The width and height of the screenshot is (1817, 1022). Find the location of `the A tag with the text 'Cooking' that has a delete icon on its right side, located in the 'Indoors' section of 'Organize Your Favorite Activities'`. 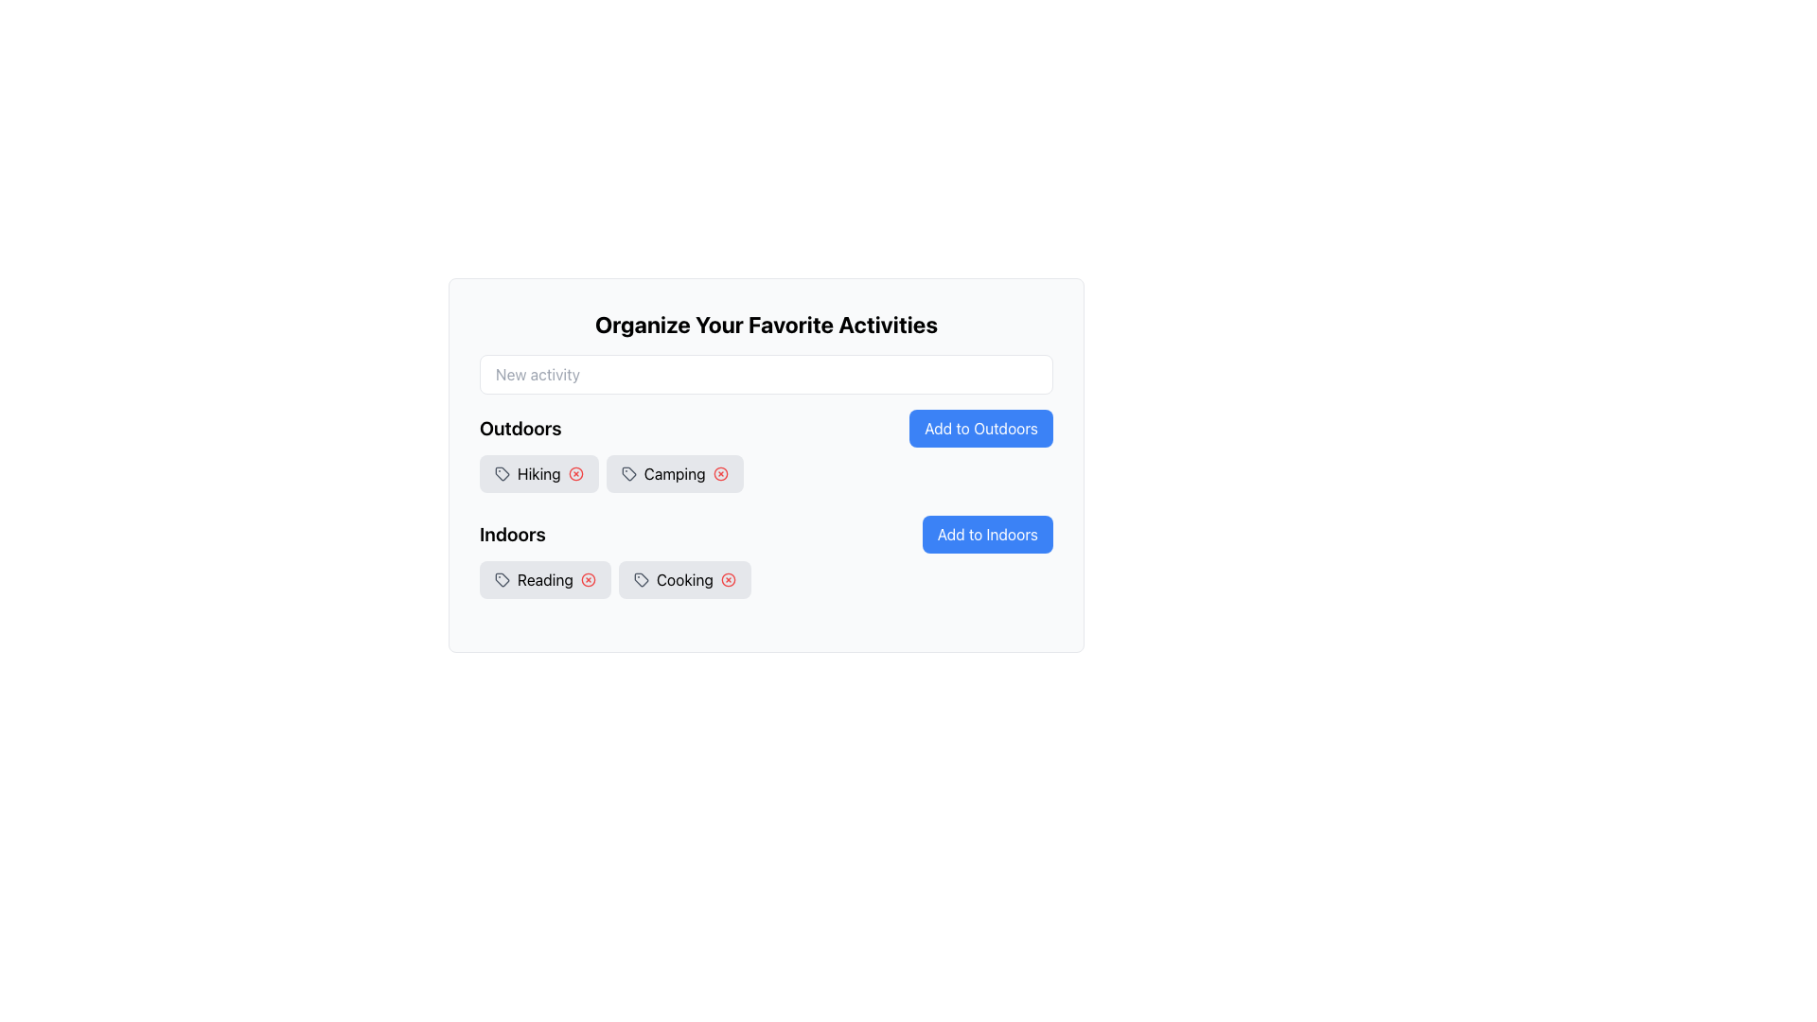

the A tag with the text 'Cooking' that has a delete icon on its right side, located in the 'Indoors' section of 'Organize Your Favorite Activities' is located at coordinates (683, 579).